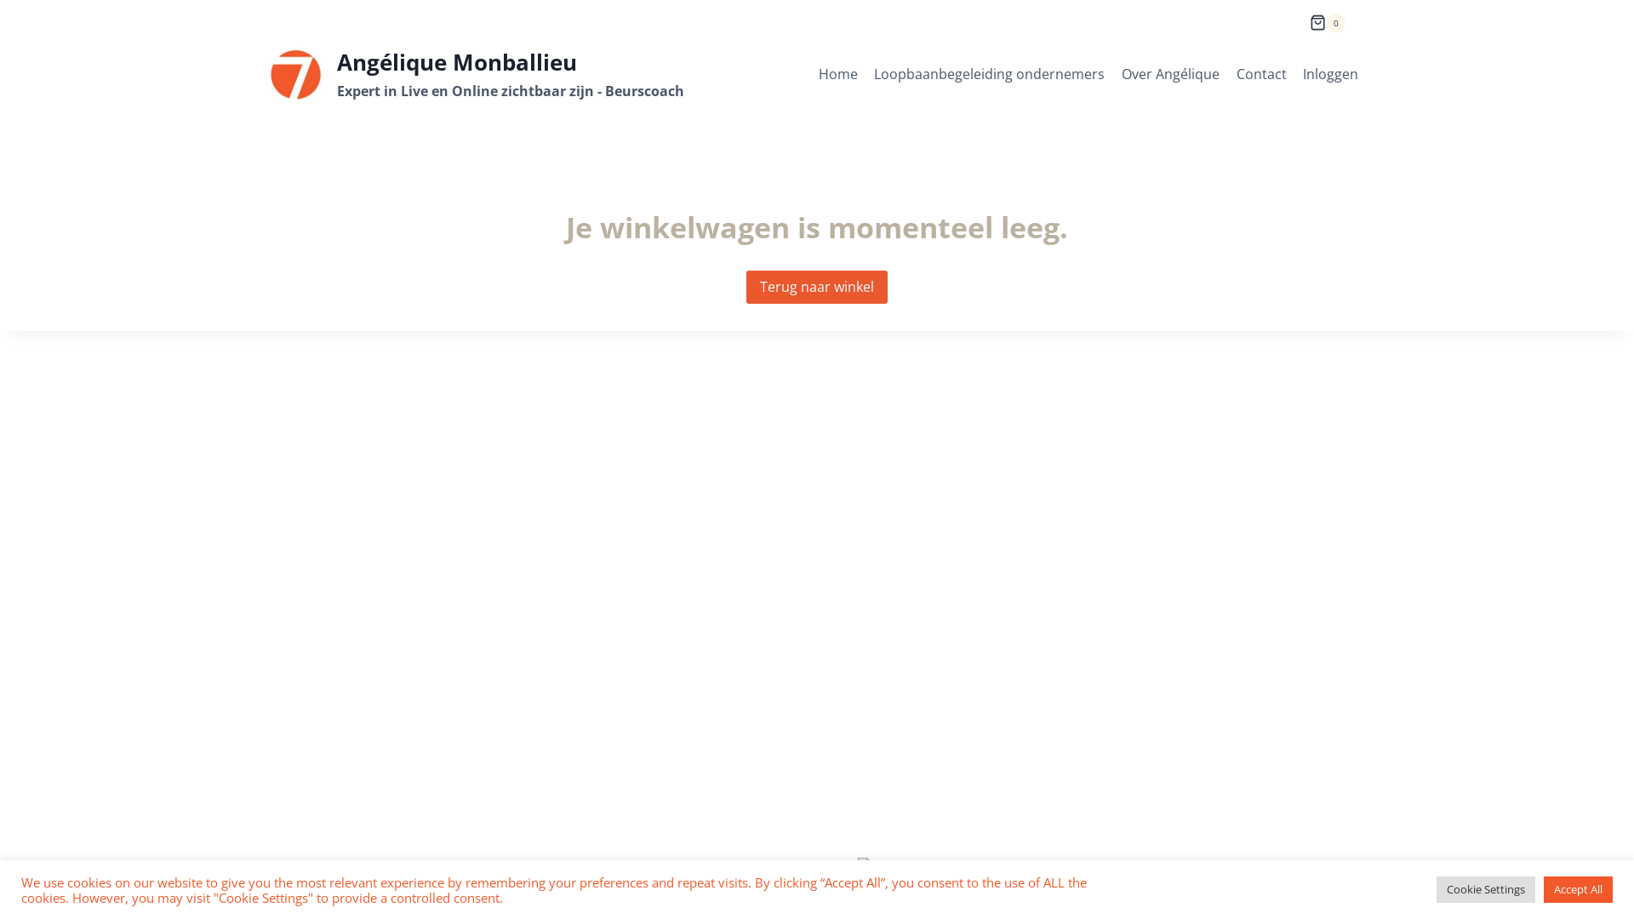 This screenshot has width=1634, height=919. I want to click on '0', so click(1327, 16).